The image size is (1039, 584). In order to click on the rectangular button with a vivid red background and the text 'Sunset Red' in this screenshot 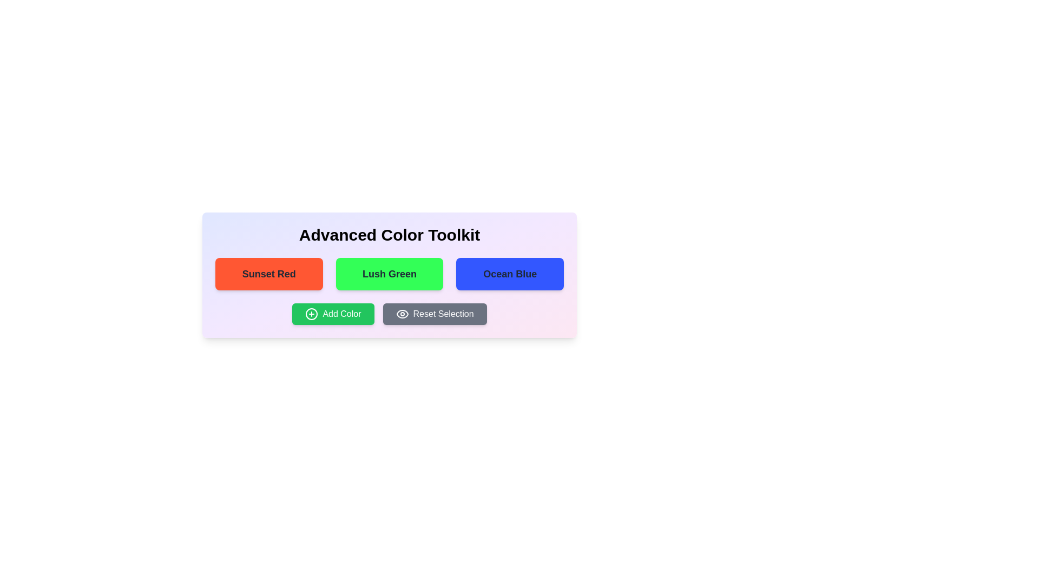, I will do `click(269, 273)`.